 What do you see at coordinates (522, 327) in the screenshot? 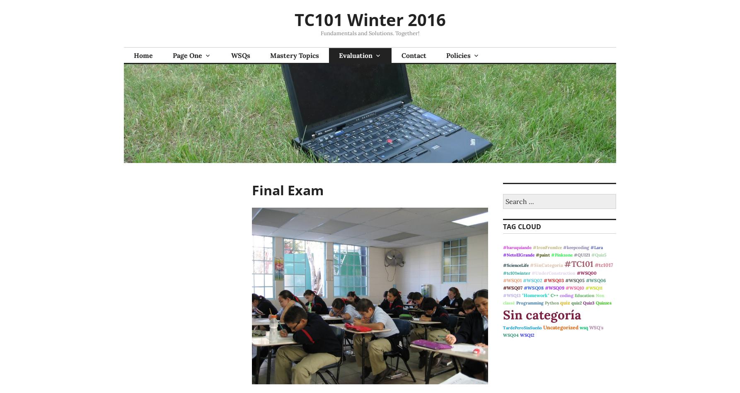
I see `'TardePeroSinSueño'` at bounding box center [522, 327].